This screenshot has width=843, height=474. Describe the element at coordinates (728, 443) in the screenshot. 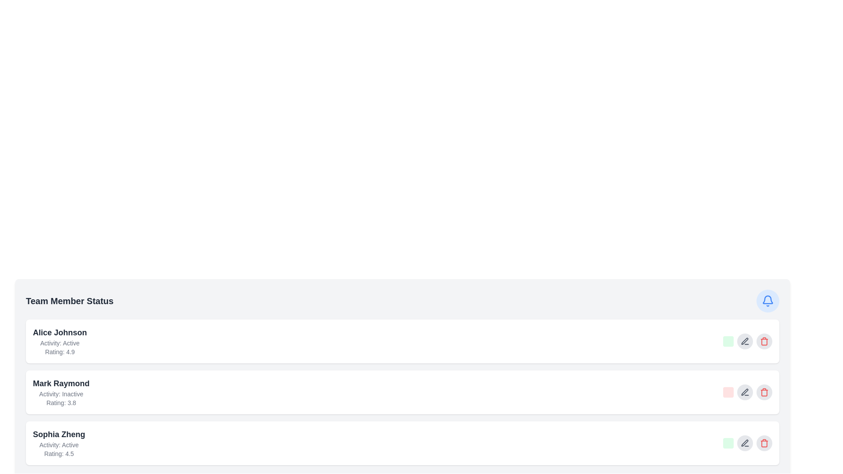

I see `the 'Active' badge associated with team member 'Sophia Zheng' to interact with it` at that location.